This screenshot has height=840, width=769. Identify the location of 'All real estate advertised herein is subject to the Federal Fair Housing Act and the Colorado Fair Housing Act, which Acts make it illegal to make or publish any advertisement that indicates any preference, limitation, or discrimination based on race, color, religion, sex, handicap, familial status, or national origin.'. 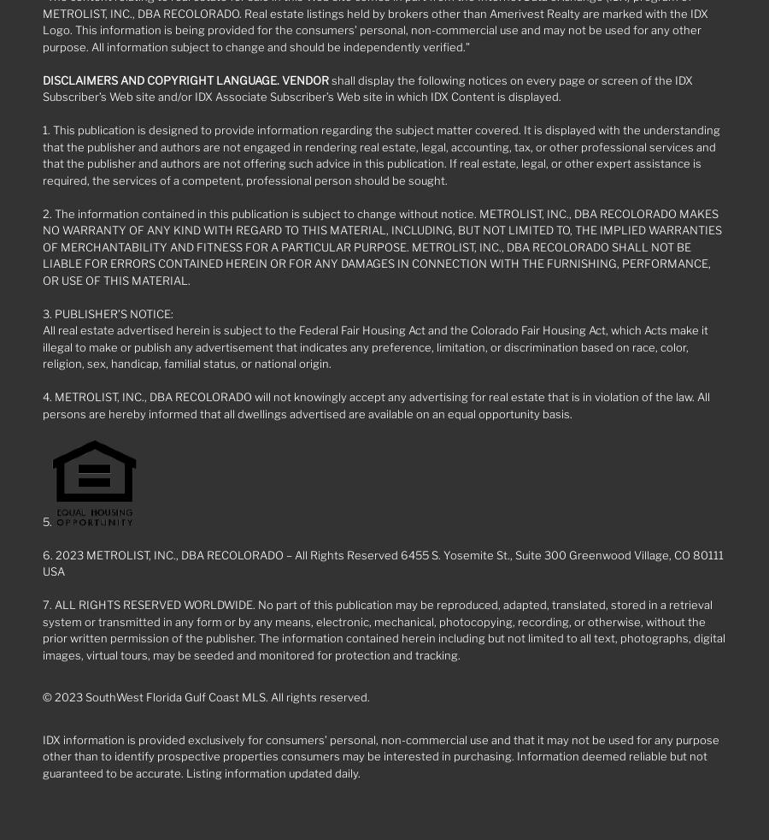
(375, 346).